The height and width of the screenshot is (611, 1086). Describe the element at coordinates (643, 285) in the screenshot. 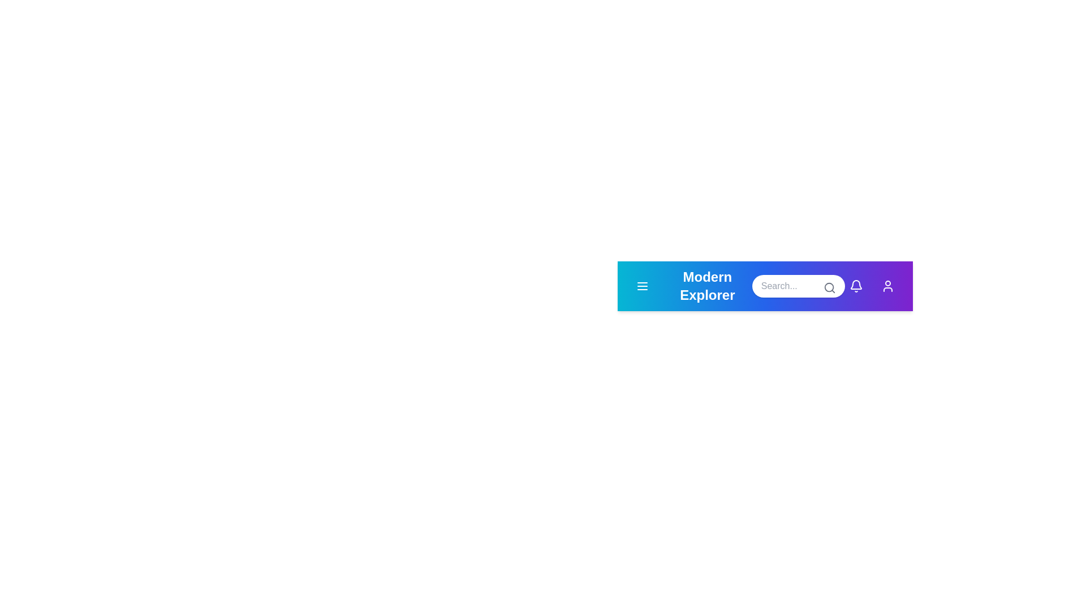

I see `the menu icon to open the side menu or navigation` at that location.